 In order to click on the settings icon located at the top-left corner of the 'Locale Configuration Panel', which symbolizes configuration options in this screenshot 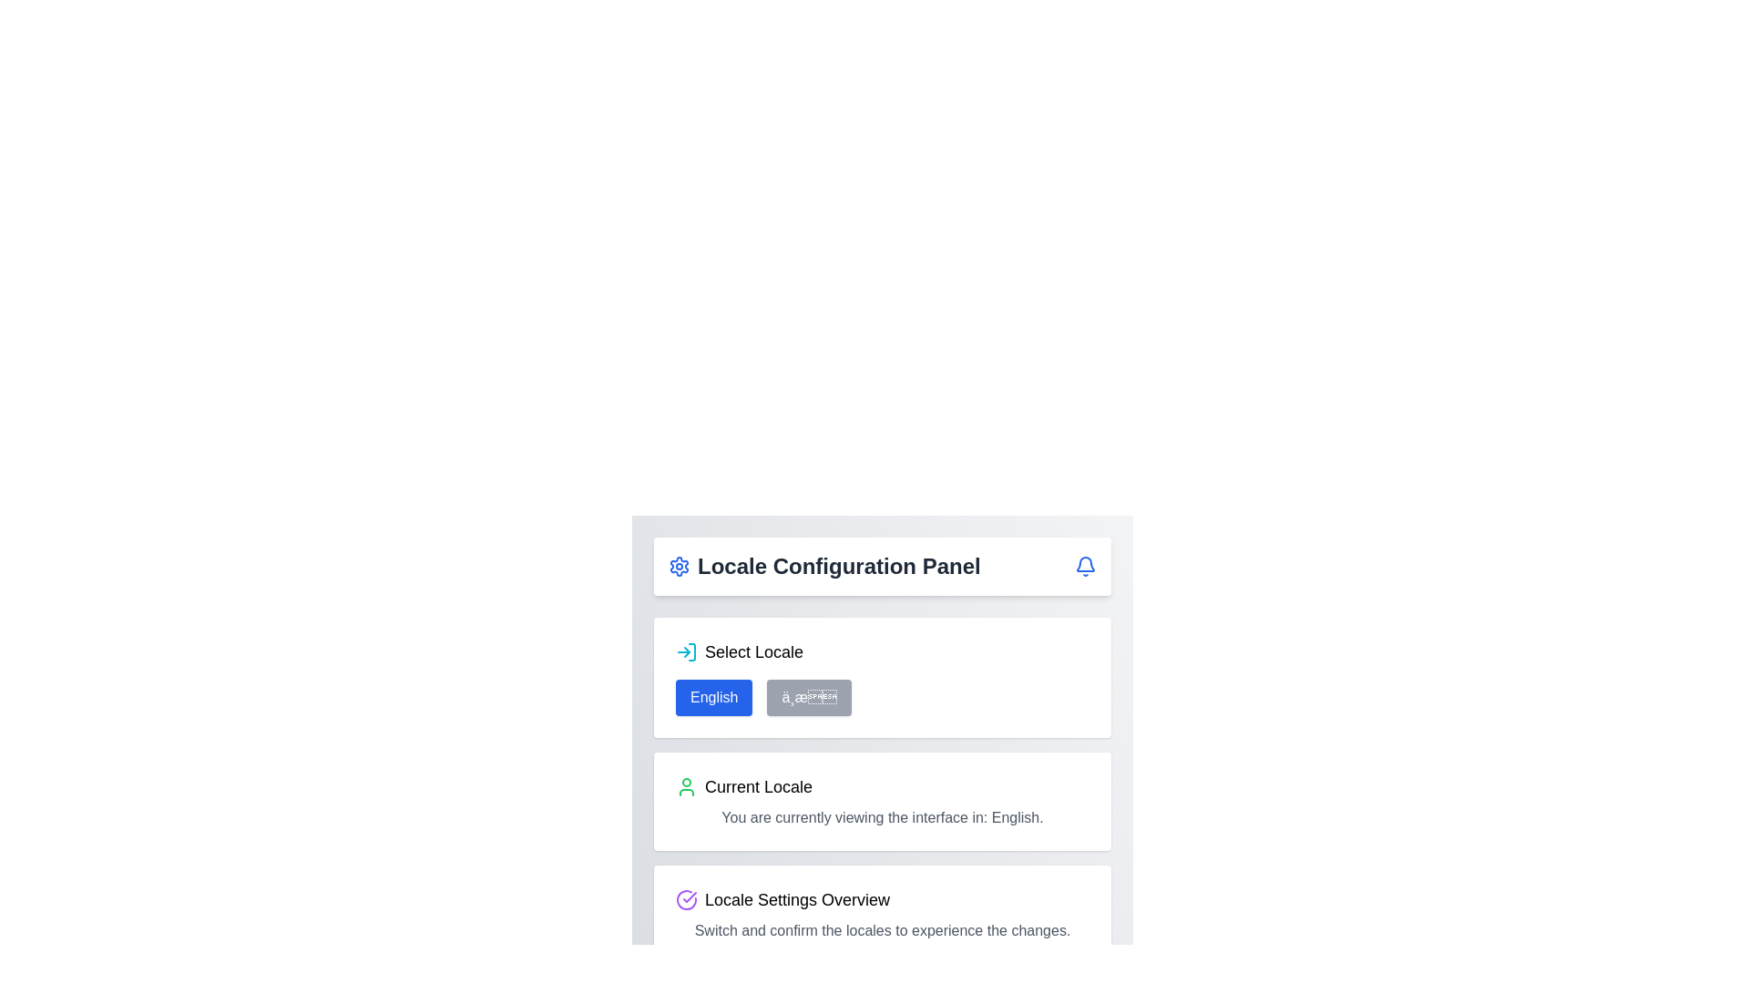, I will do `click(678, 565)`.